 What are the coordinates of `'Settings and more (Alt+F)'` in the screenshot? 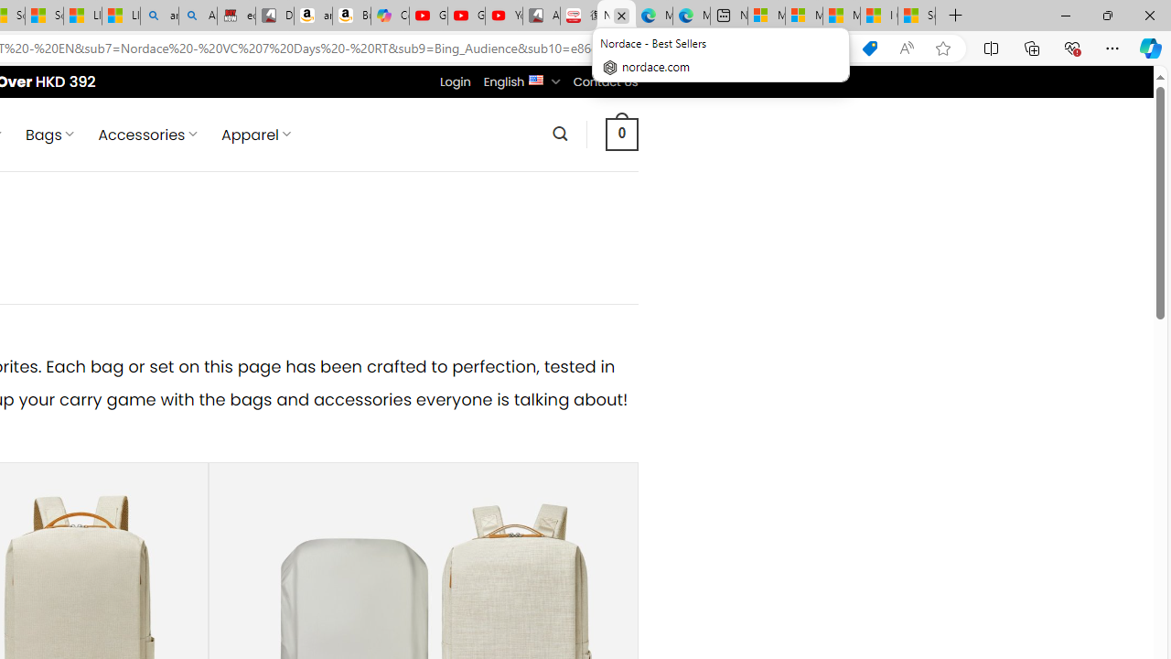 It's located at (1112, 47).